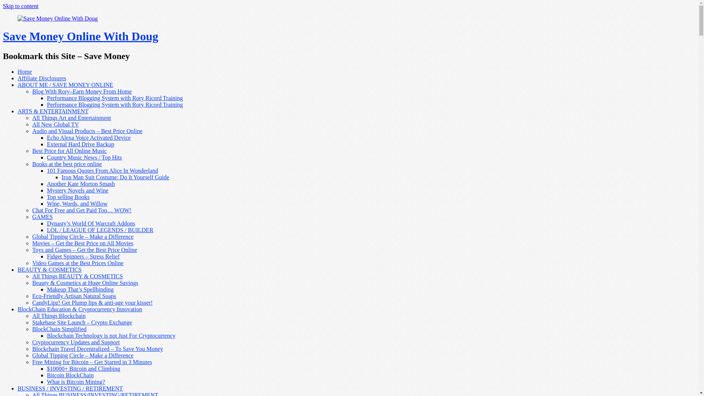  Describe the element at coordinates (88, 137) in the screenshot. I see `'Echo Alexa Voice Activated Device'` at that location.